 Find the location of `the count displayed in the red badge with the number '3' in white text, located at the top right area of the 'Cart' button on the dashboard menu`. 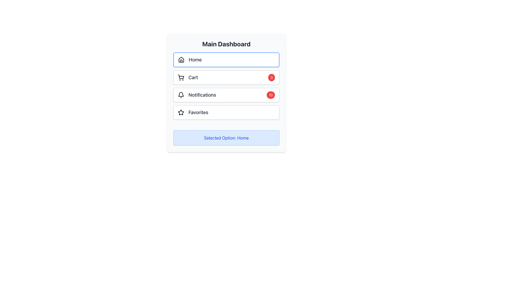

the count displayed in the red badge with the number '3' in white text, located at the top right area of the 'Cart' button on the dashboard menu is located at coordinates (271, 78).